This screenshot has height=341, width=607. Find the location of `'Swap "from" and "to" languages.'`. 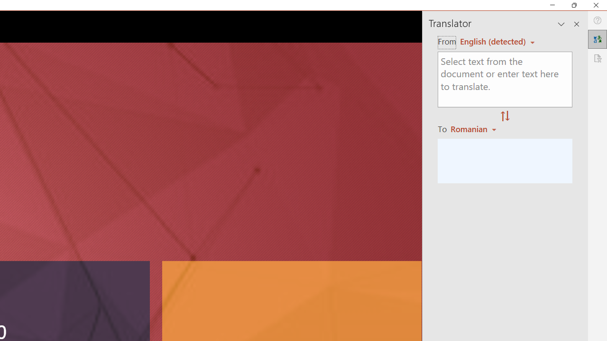

'Swap "from" and "to" languages.' is located at coordinates (505, 116).